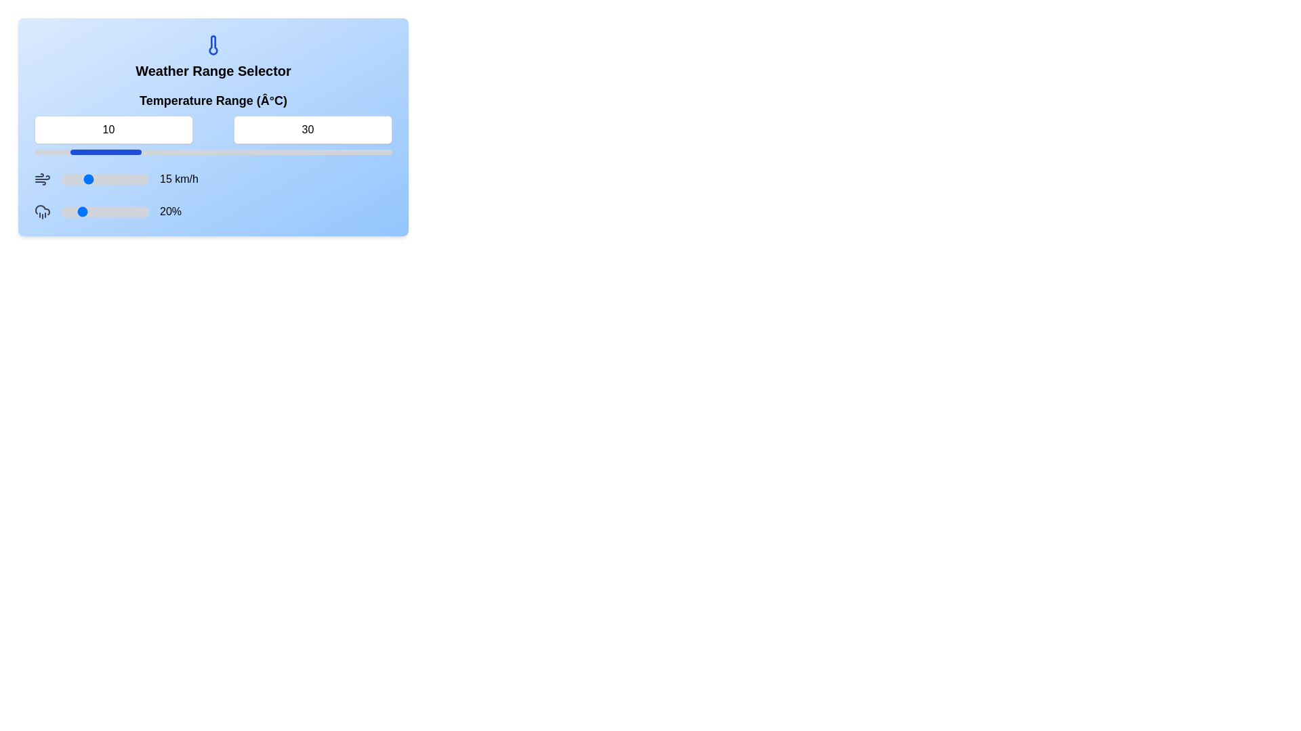 The width and height of the screenshot is (1301, 731). What do you see at coordinates (213, 100) in the screenshot?
I see `the text label displaying 'Temperature Range (Â°C)', which is styled in bold with a larger font size and is positioned against a light blue background` at bounding box center [213, 100].